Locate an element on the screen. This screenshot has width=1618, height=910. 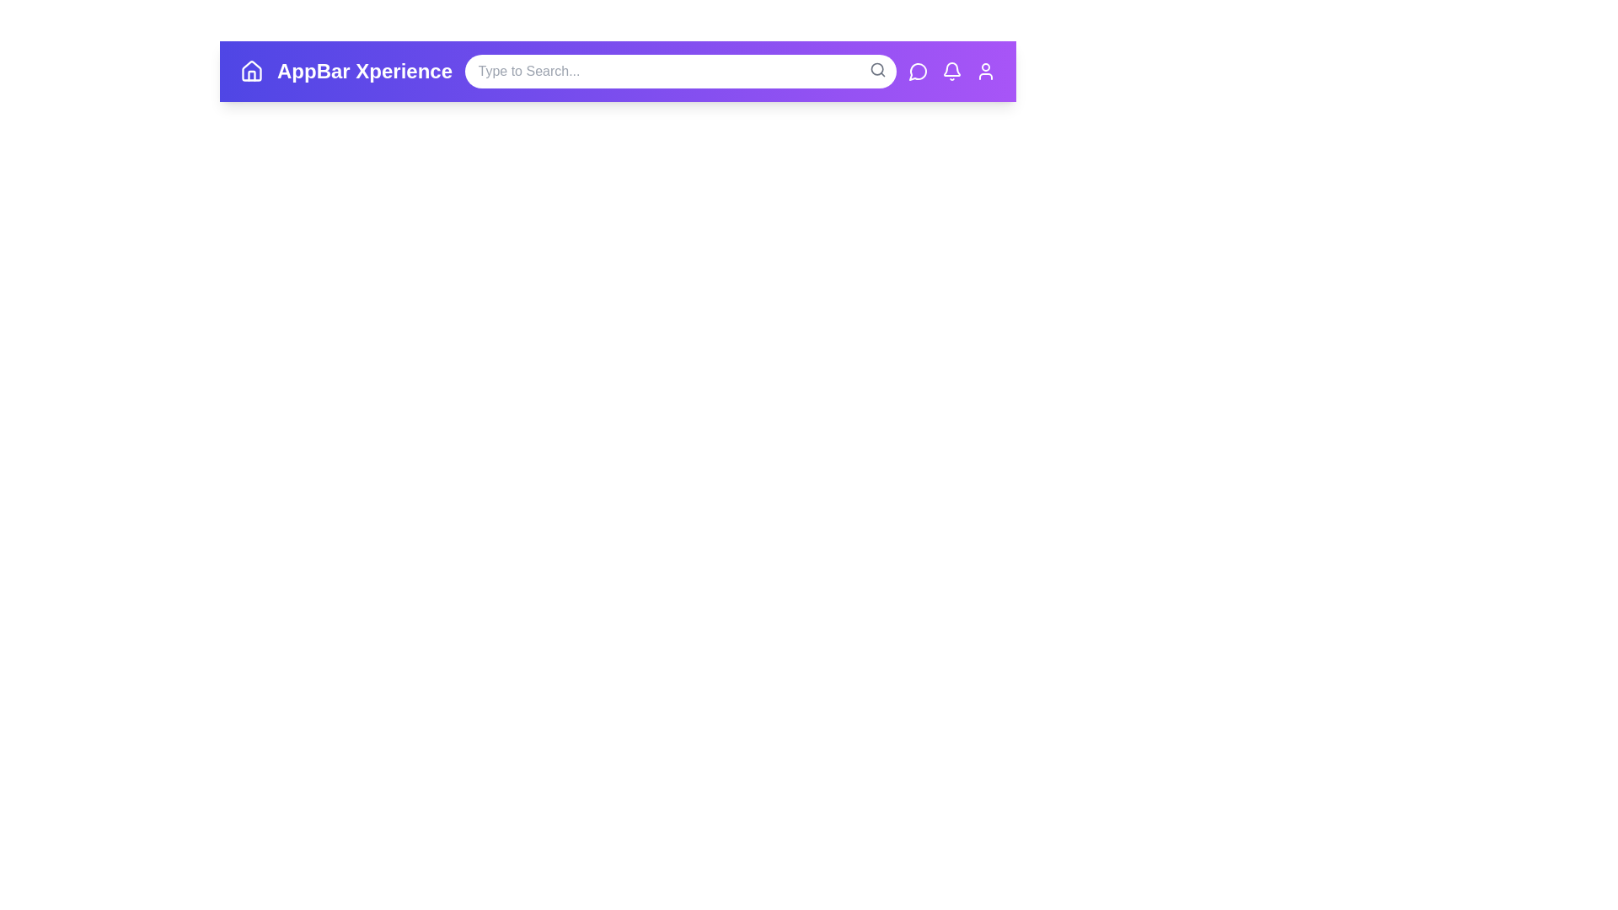
the notifications icon to observe its hover effect is located at coordinates (951, 70).